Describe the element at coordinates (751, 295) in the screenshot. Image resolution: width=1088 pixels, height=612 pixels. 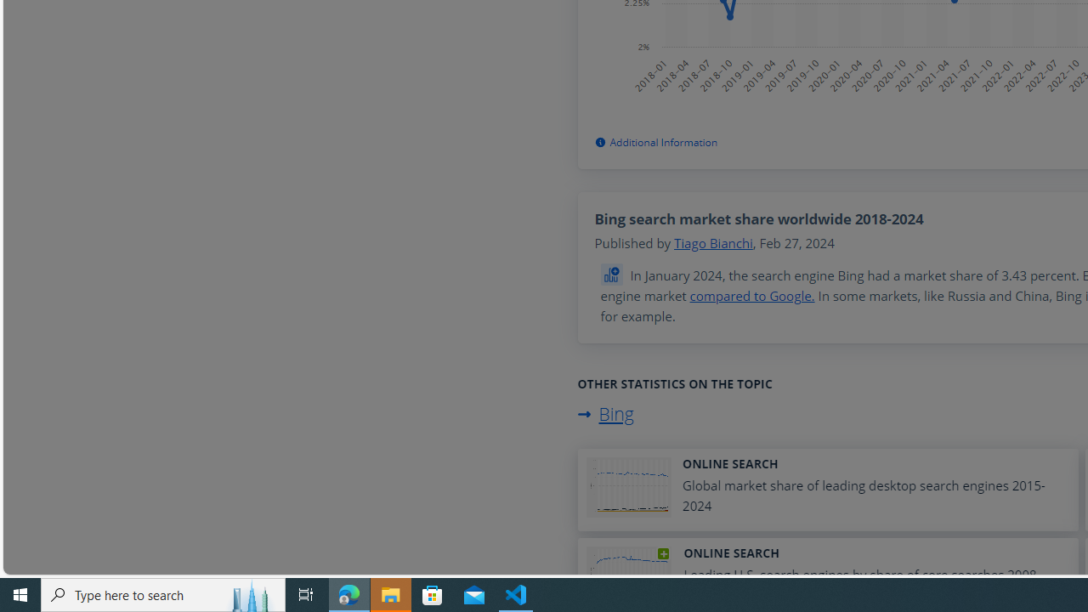
I see `'compared to Google.'` at that location.